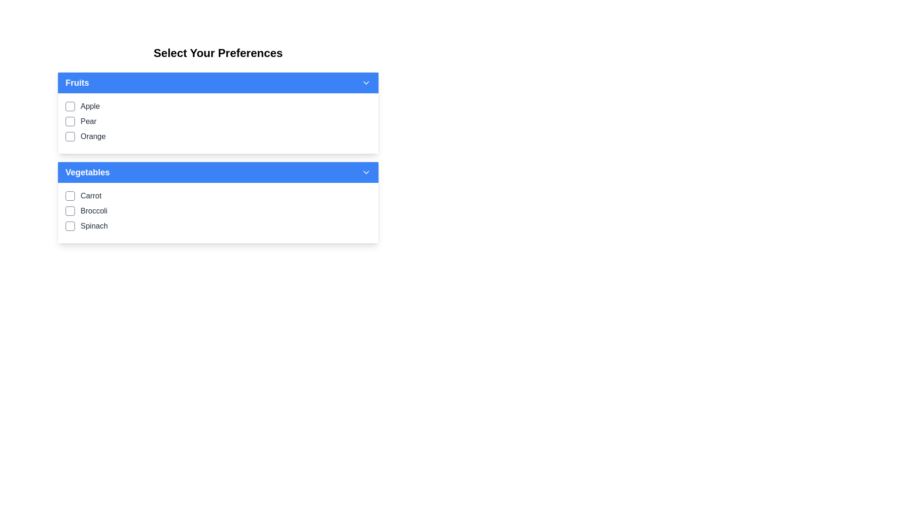  I want to click on the checkbox for 'Apple' to trigger visual feedback, so click(69, 106).